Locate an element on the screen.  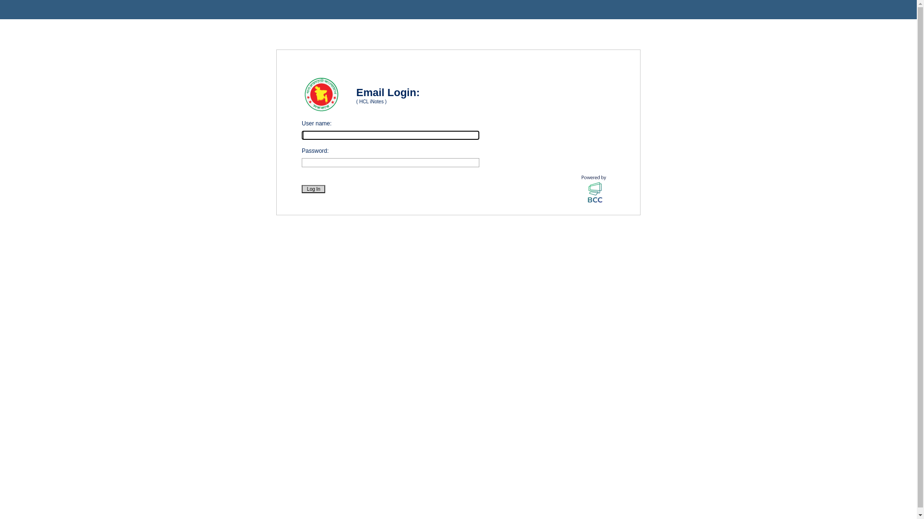
' Log In ' is located at coordinates (313, 189).